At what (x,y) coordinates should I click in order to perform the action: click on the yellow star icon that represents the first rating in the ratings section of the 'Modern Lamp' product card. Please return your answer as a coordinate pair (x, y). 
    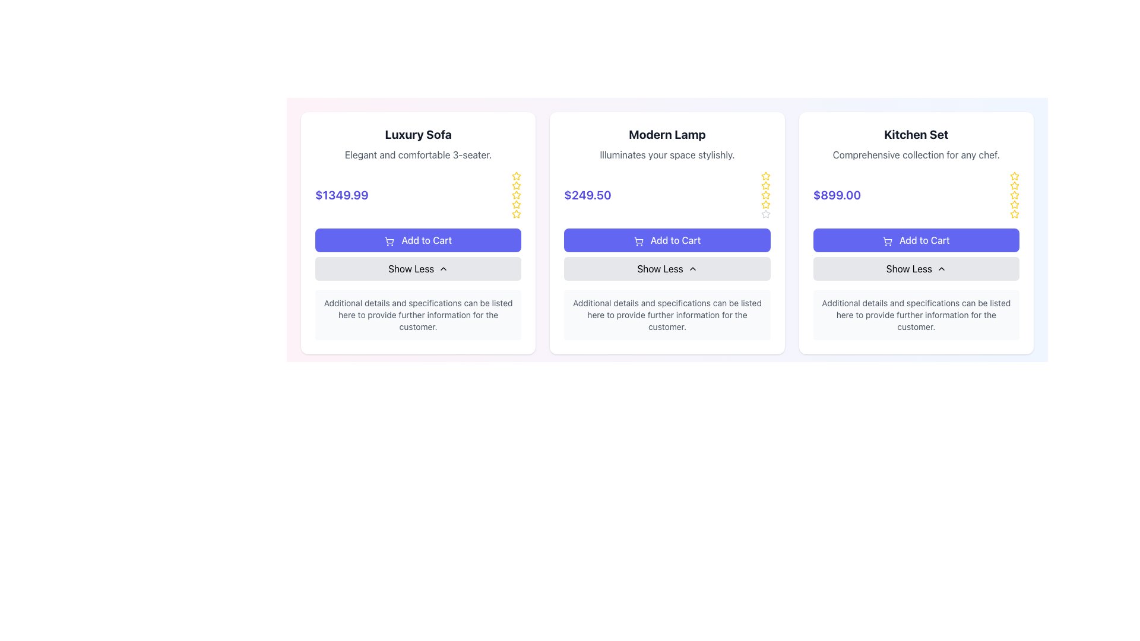
    Looking at the image, I should click on (765, 176).